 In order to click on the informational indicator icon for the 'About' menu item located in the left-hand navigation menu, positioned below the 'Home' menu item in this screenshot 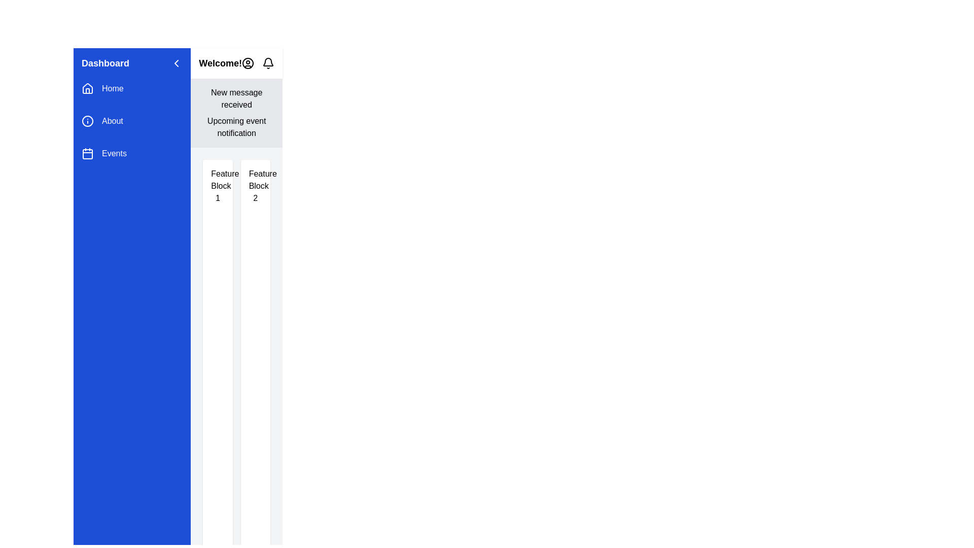, I will do `click(87, 121)`.